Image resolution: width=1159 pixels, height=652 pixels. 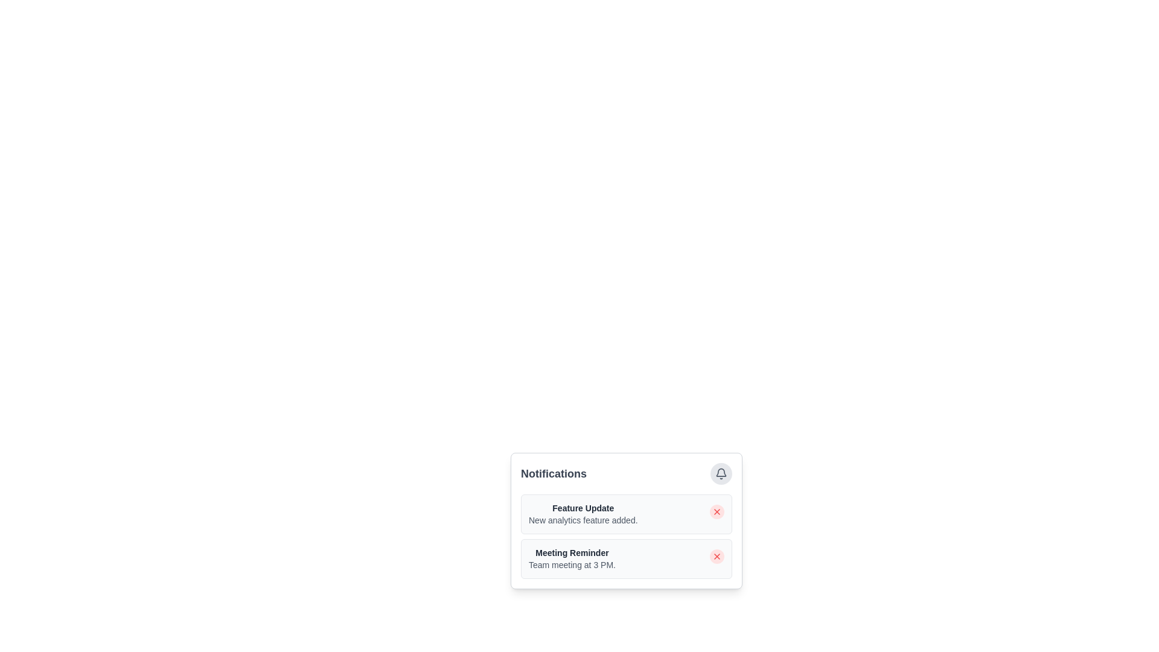 I want to click on the close button located on the top-right corner of the 'Feature Update' notification to dismiss it, so click(x=717, y=512).